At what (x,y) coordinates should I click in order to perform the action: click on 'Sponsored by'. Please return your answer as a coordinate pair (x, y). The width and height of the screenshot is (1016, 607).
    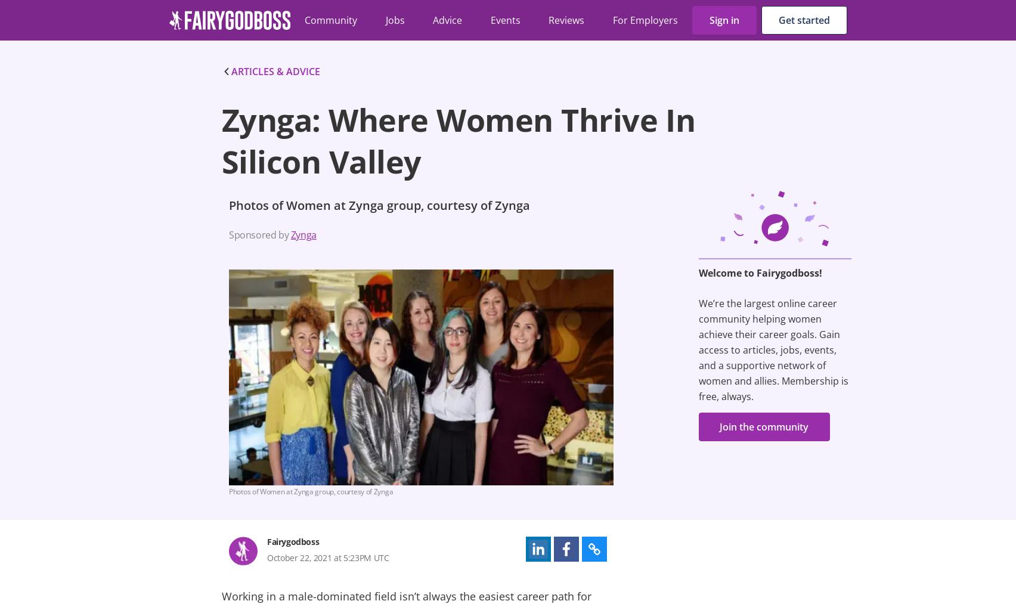
    Looking at the image, I should click on (259, 234).